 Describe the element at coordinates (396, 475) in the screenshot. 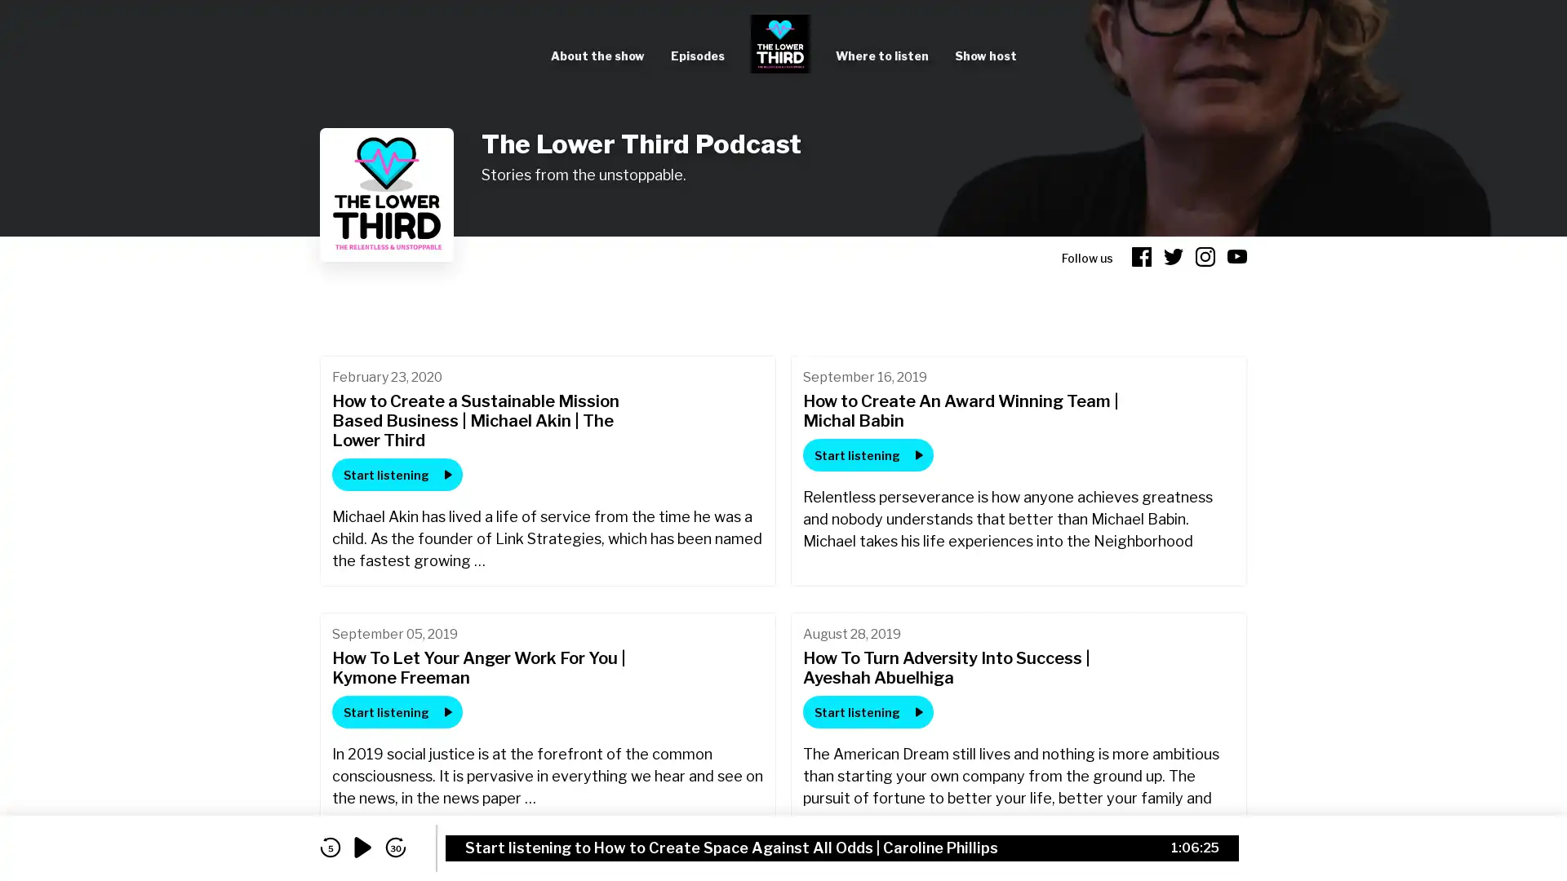

I see `Start listening` at that location.